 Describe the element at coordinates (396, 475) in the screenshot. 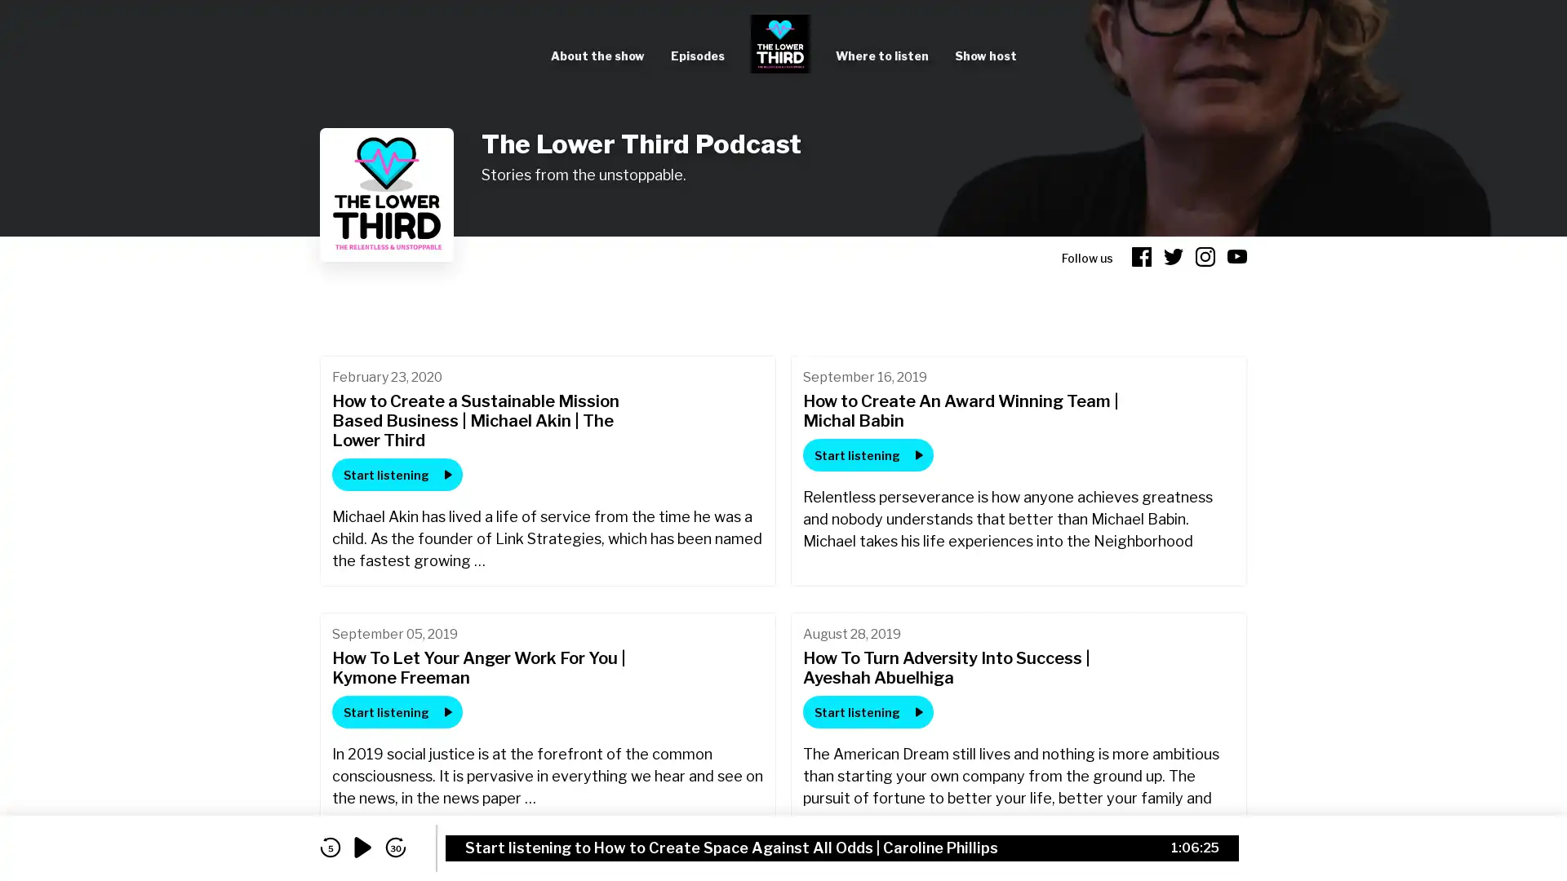

I see `Start listening` at that location.